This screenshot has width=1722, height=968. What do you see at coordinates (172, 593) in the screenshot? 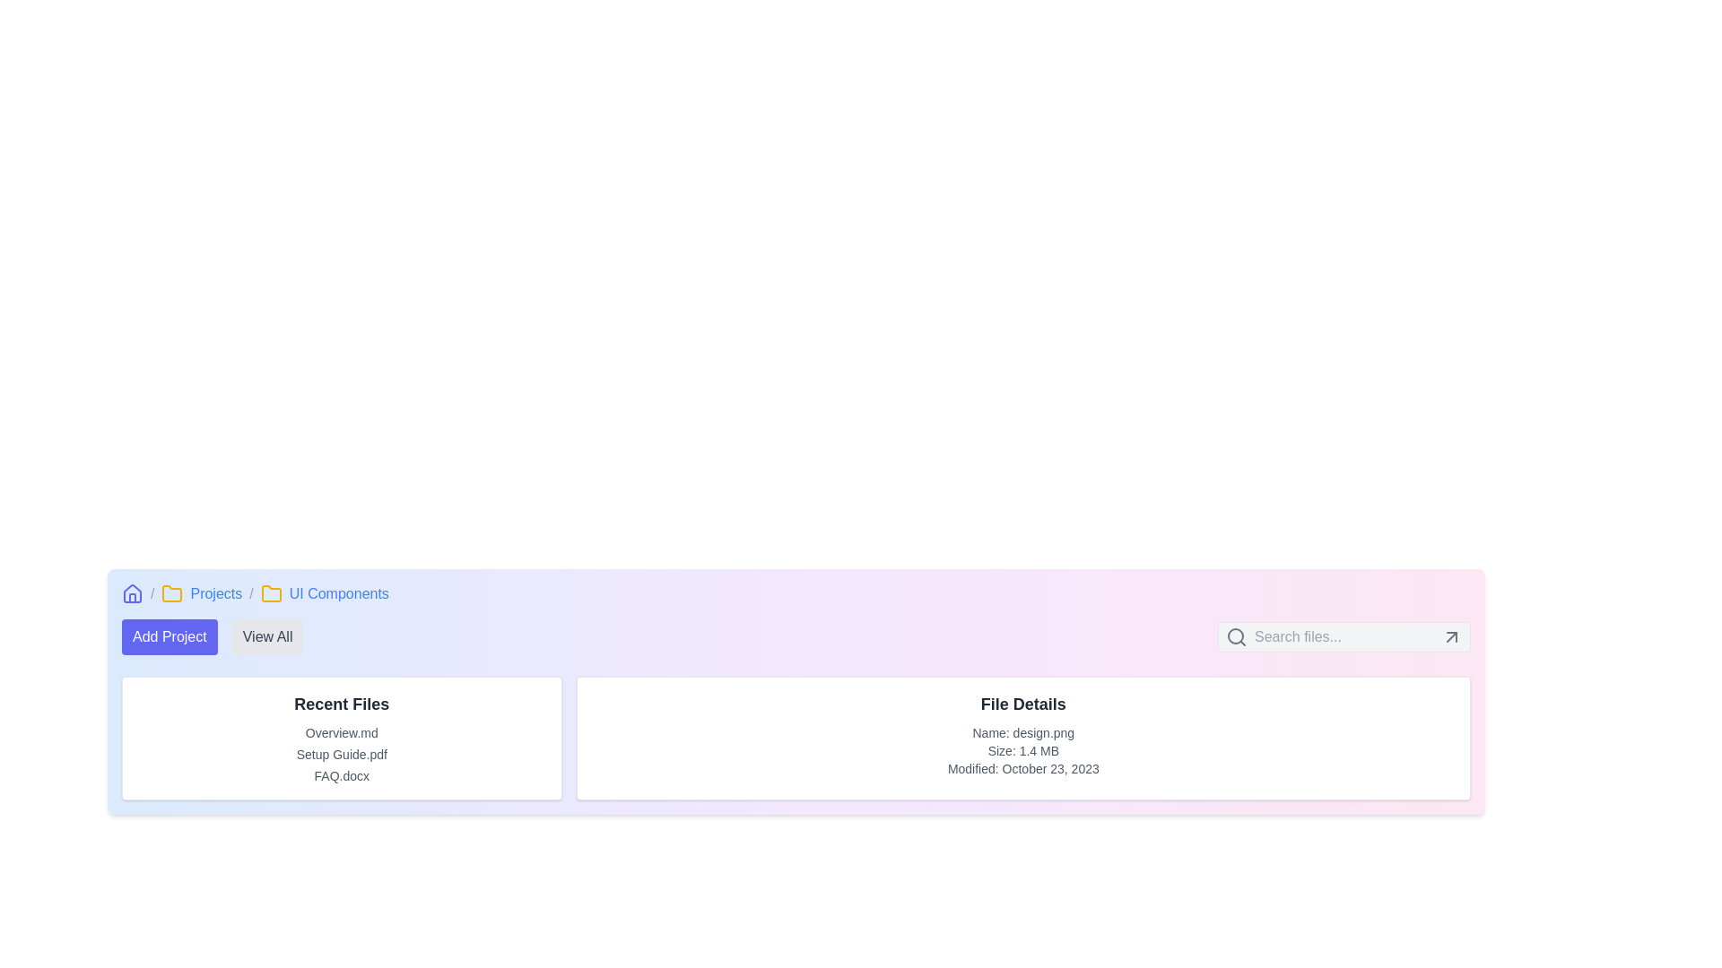
I see `the folder icon labeled 'UI Components' located in the navigation breadcrumb bar next to the red icon` at bounding box center [172, 593].